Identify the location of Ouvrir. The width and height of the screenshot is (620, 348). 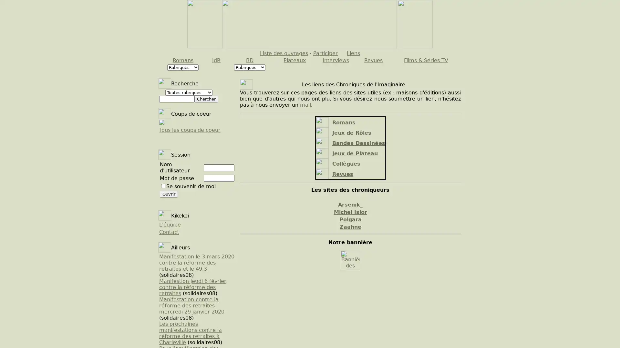
(169, 194).